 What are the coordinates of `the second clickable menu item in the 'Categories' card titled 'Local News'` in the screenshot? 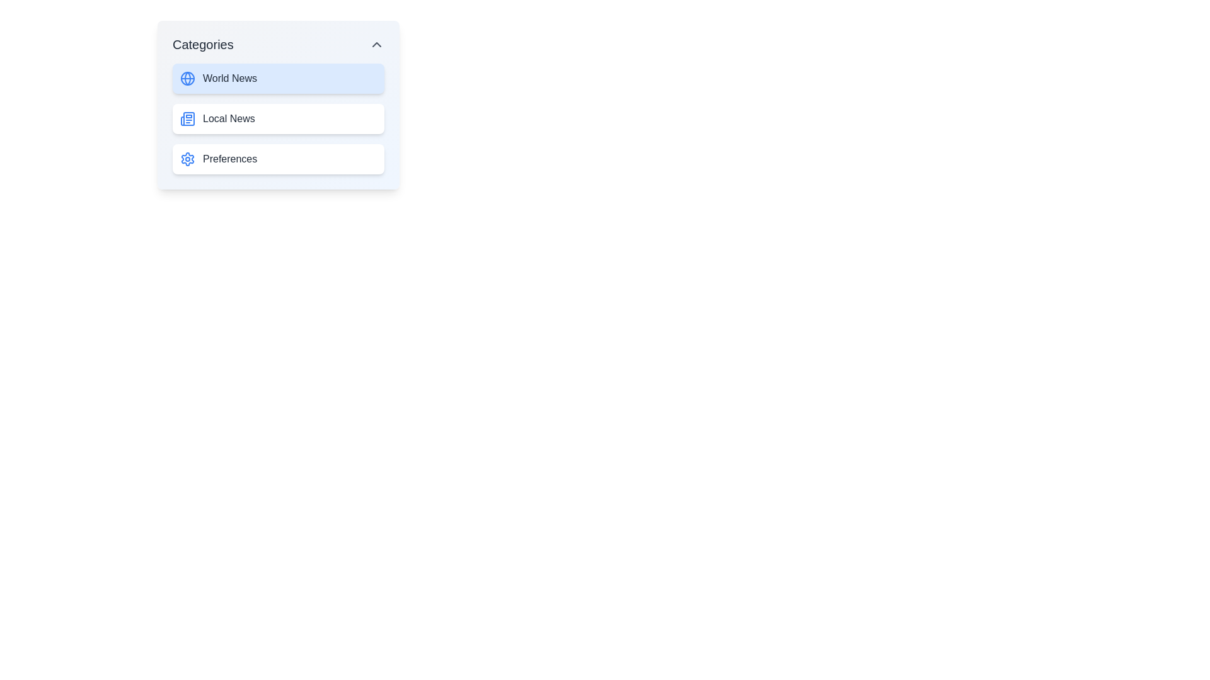 It's located at (277, 104).